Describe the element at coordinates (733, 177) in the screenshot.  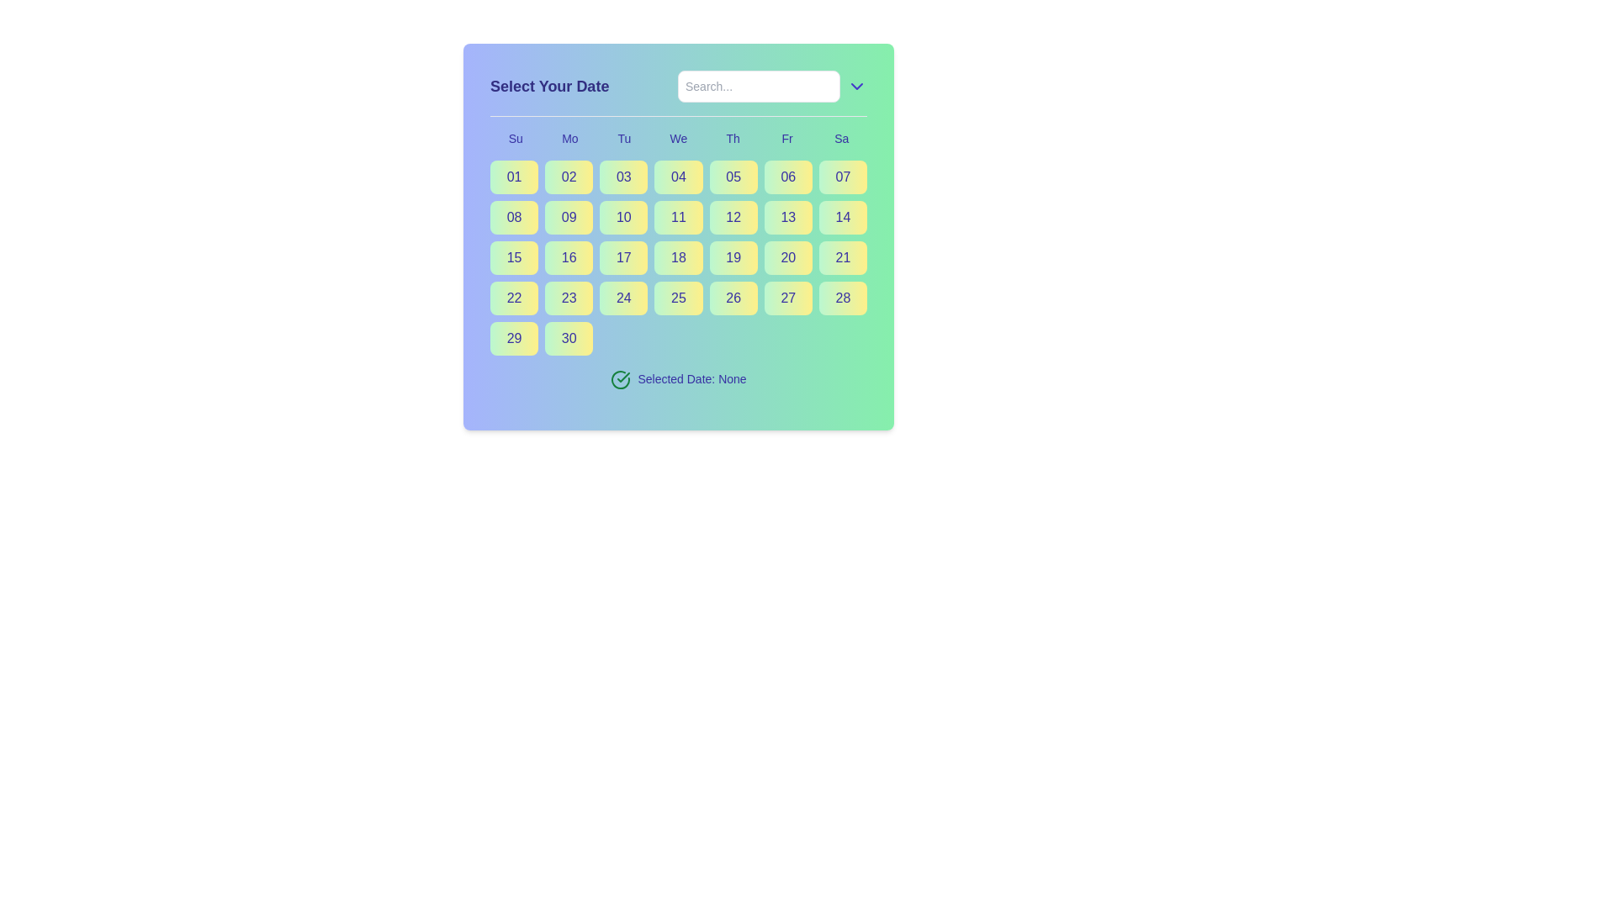
I see `the square button labeled '05' with a gradient background to indicate selection` at that location.